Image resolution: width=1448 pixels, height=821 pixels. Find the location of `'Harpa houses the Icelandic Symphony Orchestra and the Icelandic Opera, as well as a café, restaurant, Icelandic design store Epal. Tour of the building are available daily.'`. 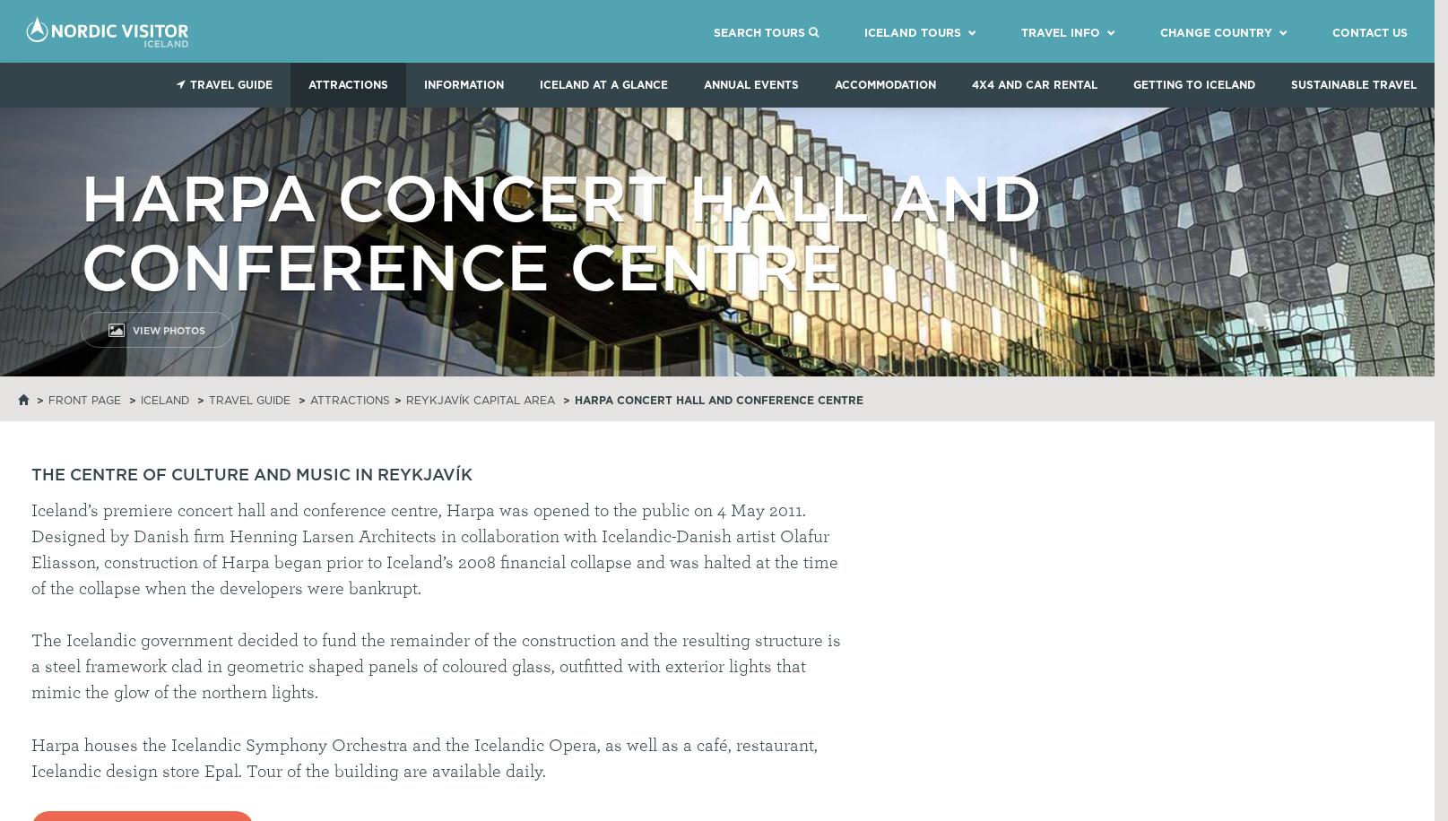

'Harpa houses the Icelandic Symphony Orchestra and the Icelandic Opera, as well as a café, restaurant, Icelandic design store Epal. Tour of the building are available daily.' is located at coordinates (31, 757).